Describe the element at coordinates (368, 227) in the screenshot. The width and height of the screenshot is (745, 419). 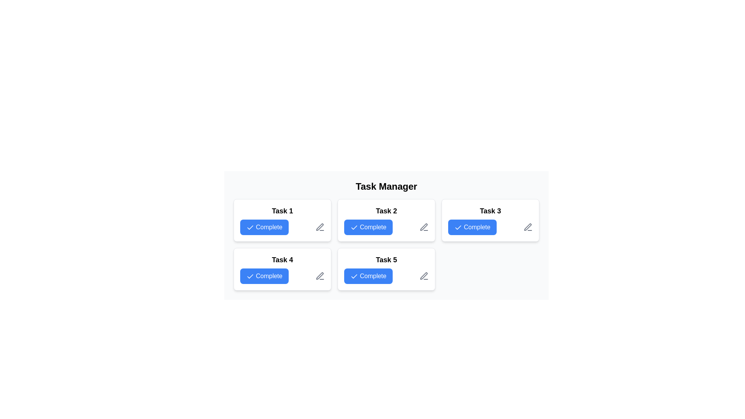
I see `the second button under the 'Task Manager' header` at that location.